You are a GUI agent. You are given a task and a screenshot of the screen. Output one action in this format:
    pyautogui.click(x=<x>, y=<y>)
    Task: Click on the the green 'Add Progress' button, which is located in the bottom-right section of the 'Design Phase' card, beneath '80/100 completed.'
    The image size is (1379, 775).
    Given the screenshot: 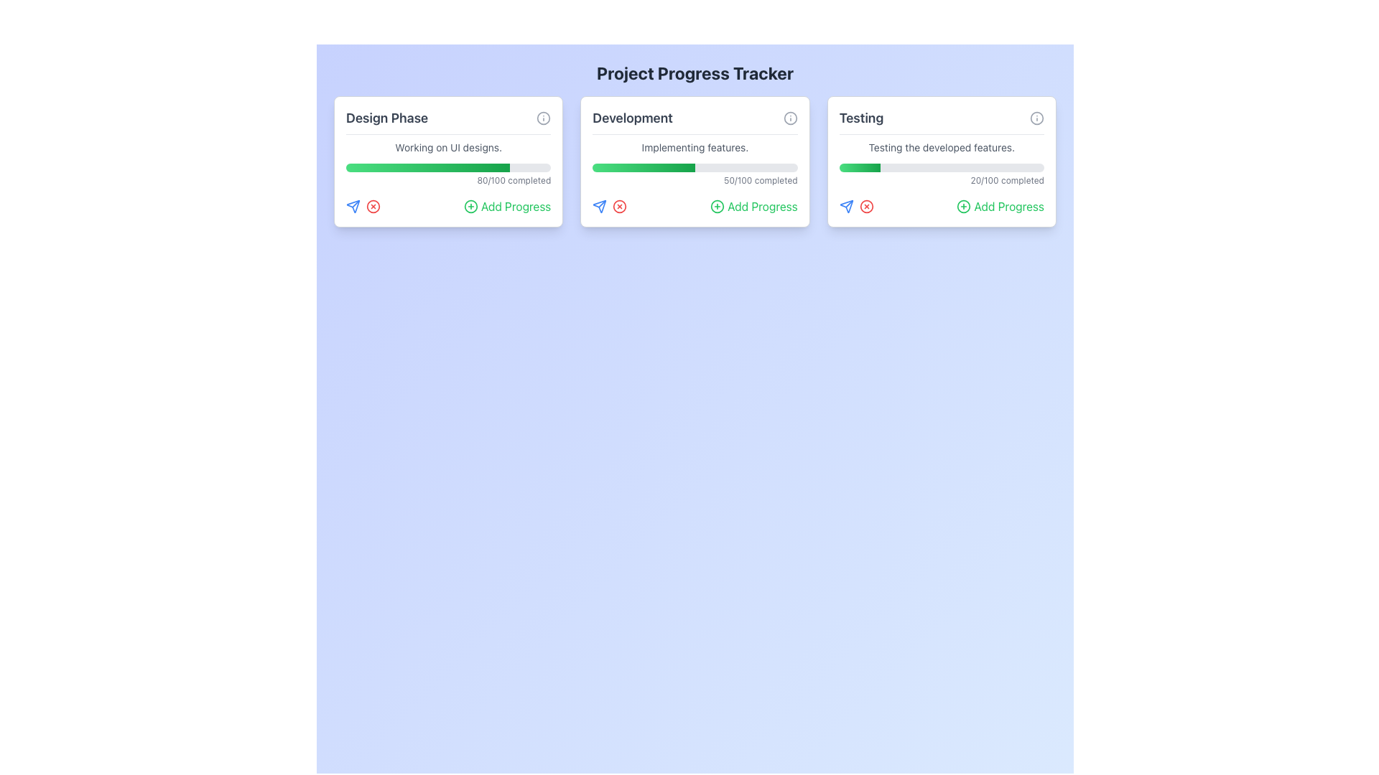 What is the action you would take?
    pyautogui.click(x=447, y=207)
    